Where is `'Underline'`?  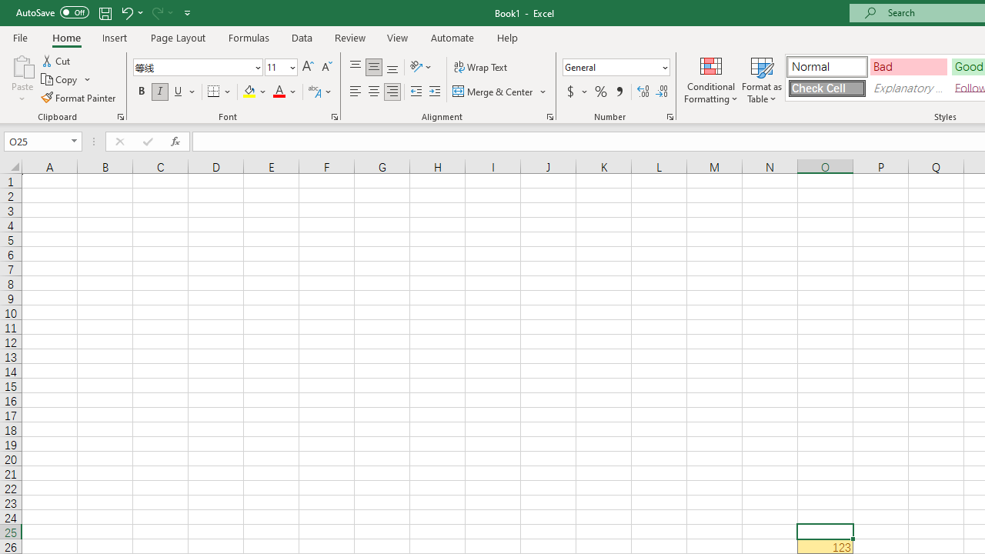
'Underline' is located at coordinates (179, 92).